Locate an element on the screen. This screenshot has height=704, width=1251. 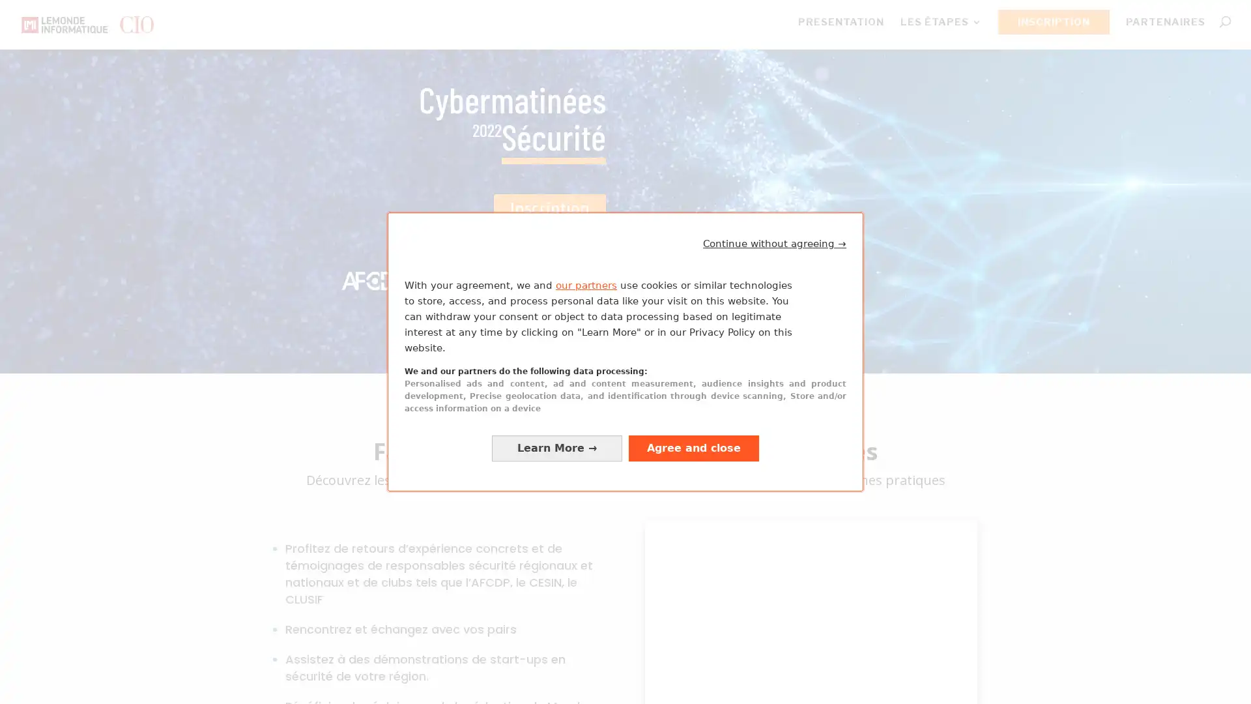
Agree to our data processing and close is located at coordinates (693, 447).